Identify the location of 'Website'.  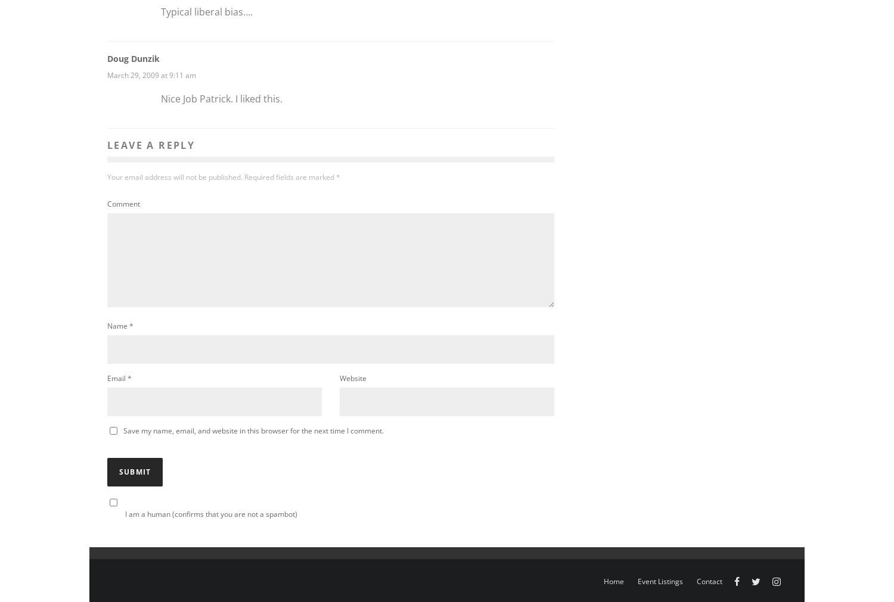
(352, 378).